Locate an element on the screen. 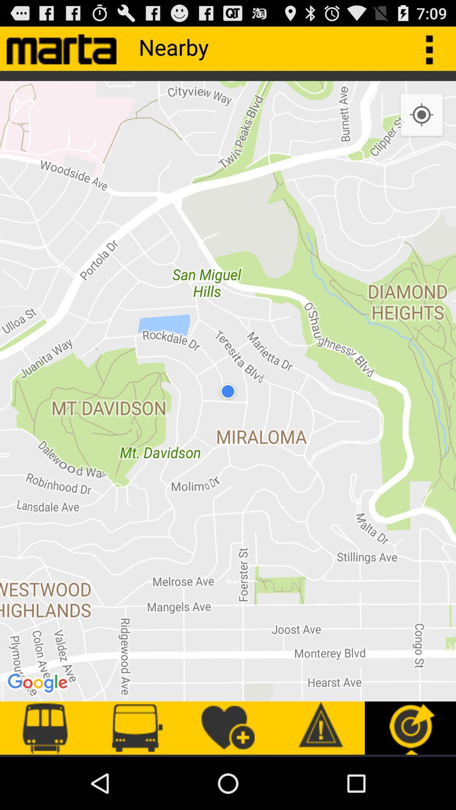 The height and width of the screenshot is (810, 456). the more icon is located at coordinates (434, 51).